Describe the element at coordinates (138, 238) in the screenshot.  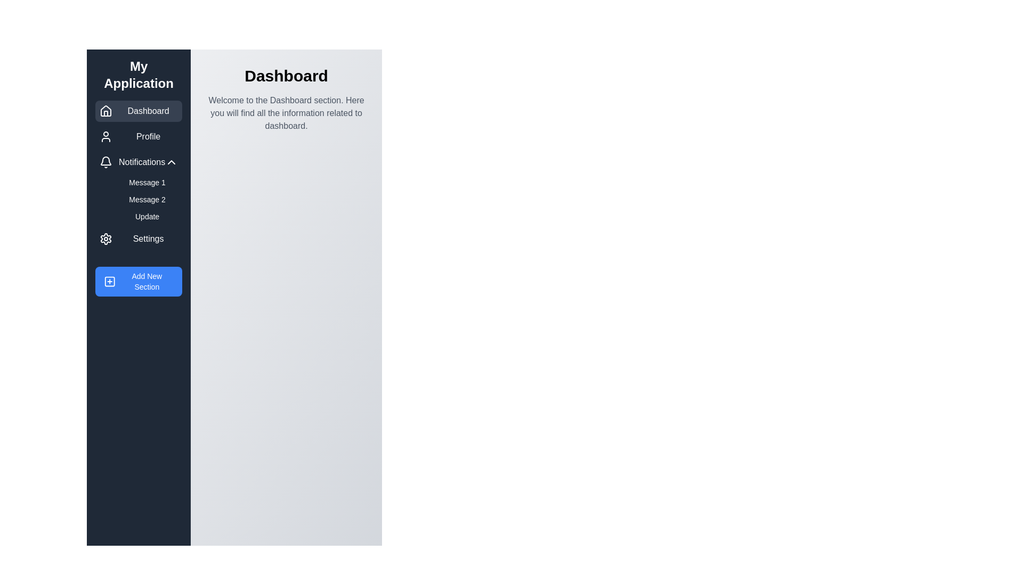
I see `the navigation button for accessing the 'Settings' section of the application` at that location.